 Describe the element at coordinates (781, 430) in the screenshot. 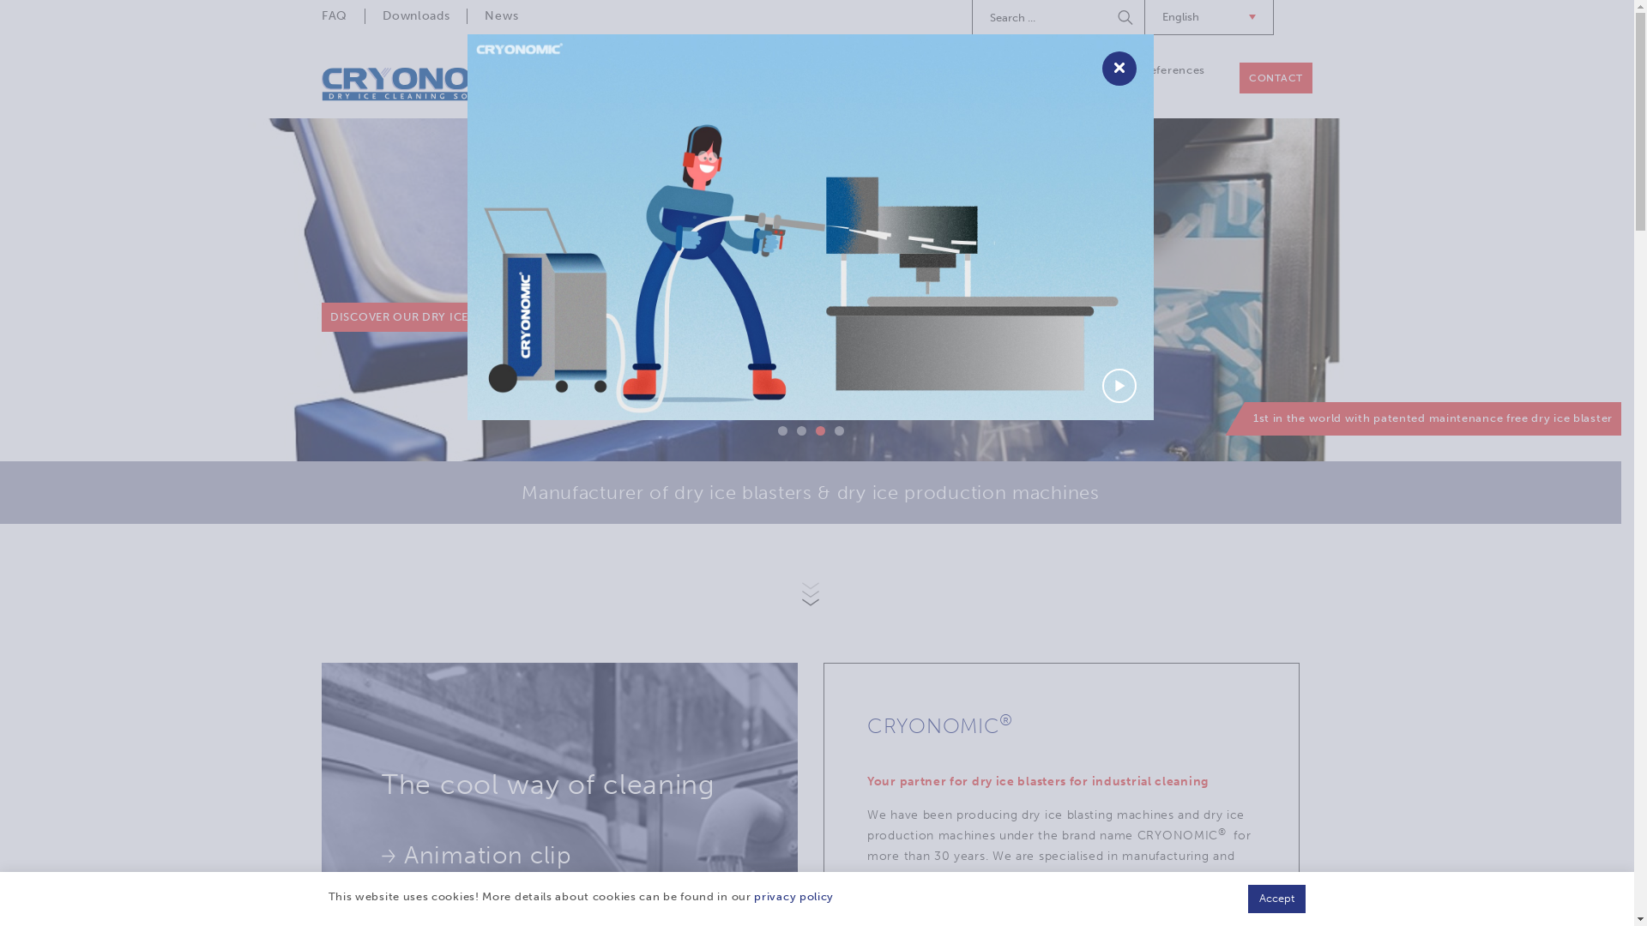

I see `'1'` at that location.